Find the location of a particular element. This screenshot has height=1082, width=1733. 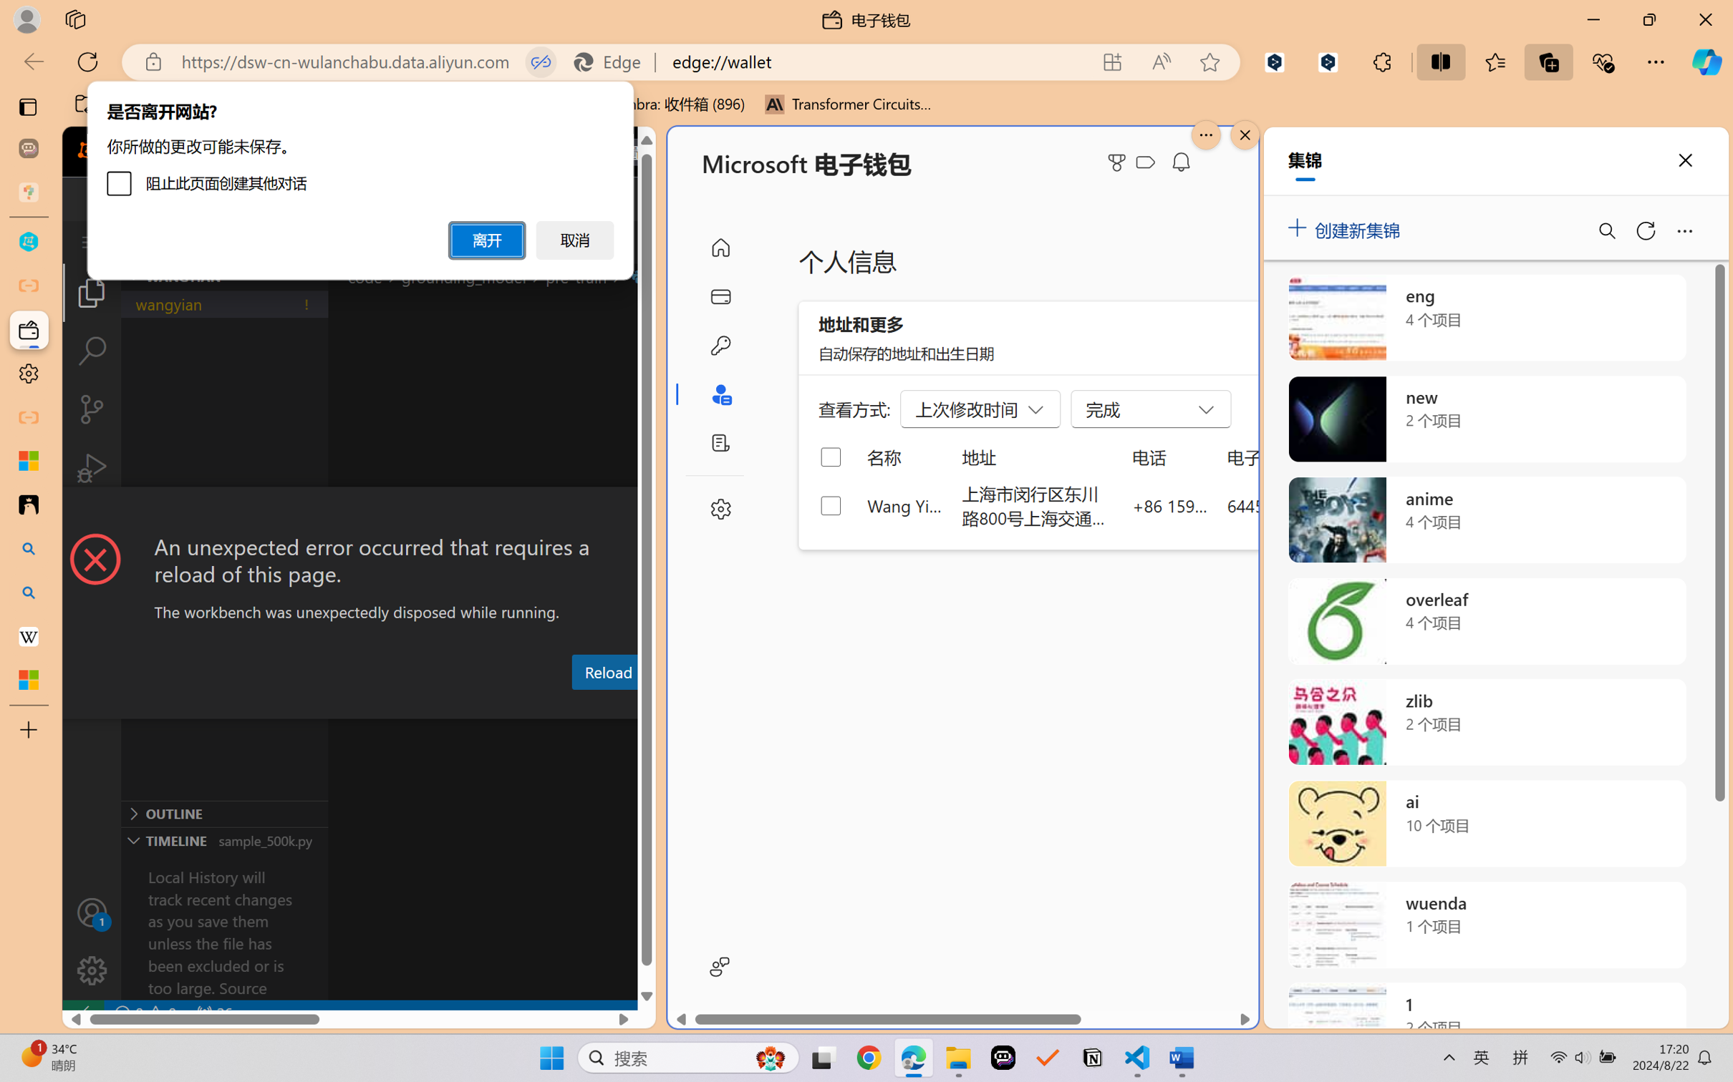

'+86 159 0032 4640' is located at coordinates (1170, 505).